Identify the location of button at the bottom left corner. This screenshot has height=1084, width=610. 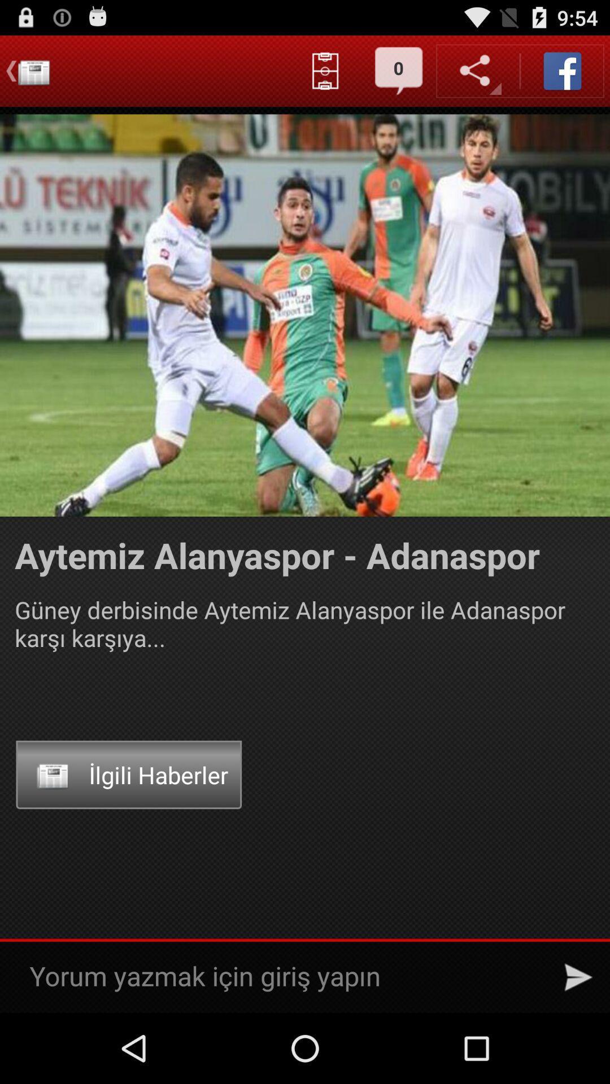
(128, 774).